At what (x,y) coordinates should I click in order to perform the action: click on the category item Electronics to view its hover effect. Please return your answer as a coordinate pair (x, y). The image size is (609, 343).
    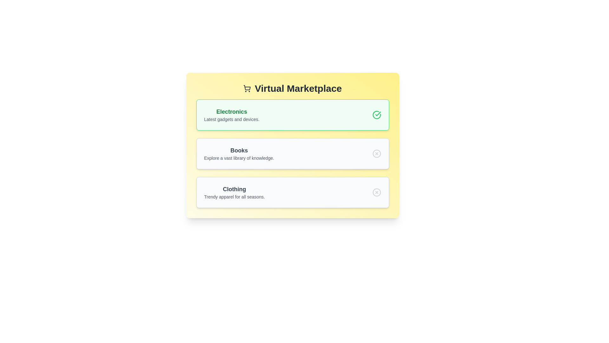
    Looking at the image, I should click on (231, 115).